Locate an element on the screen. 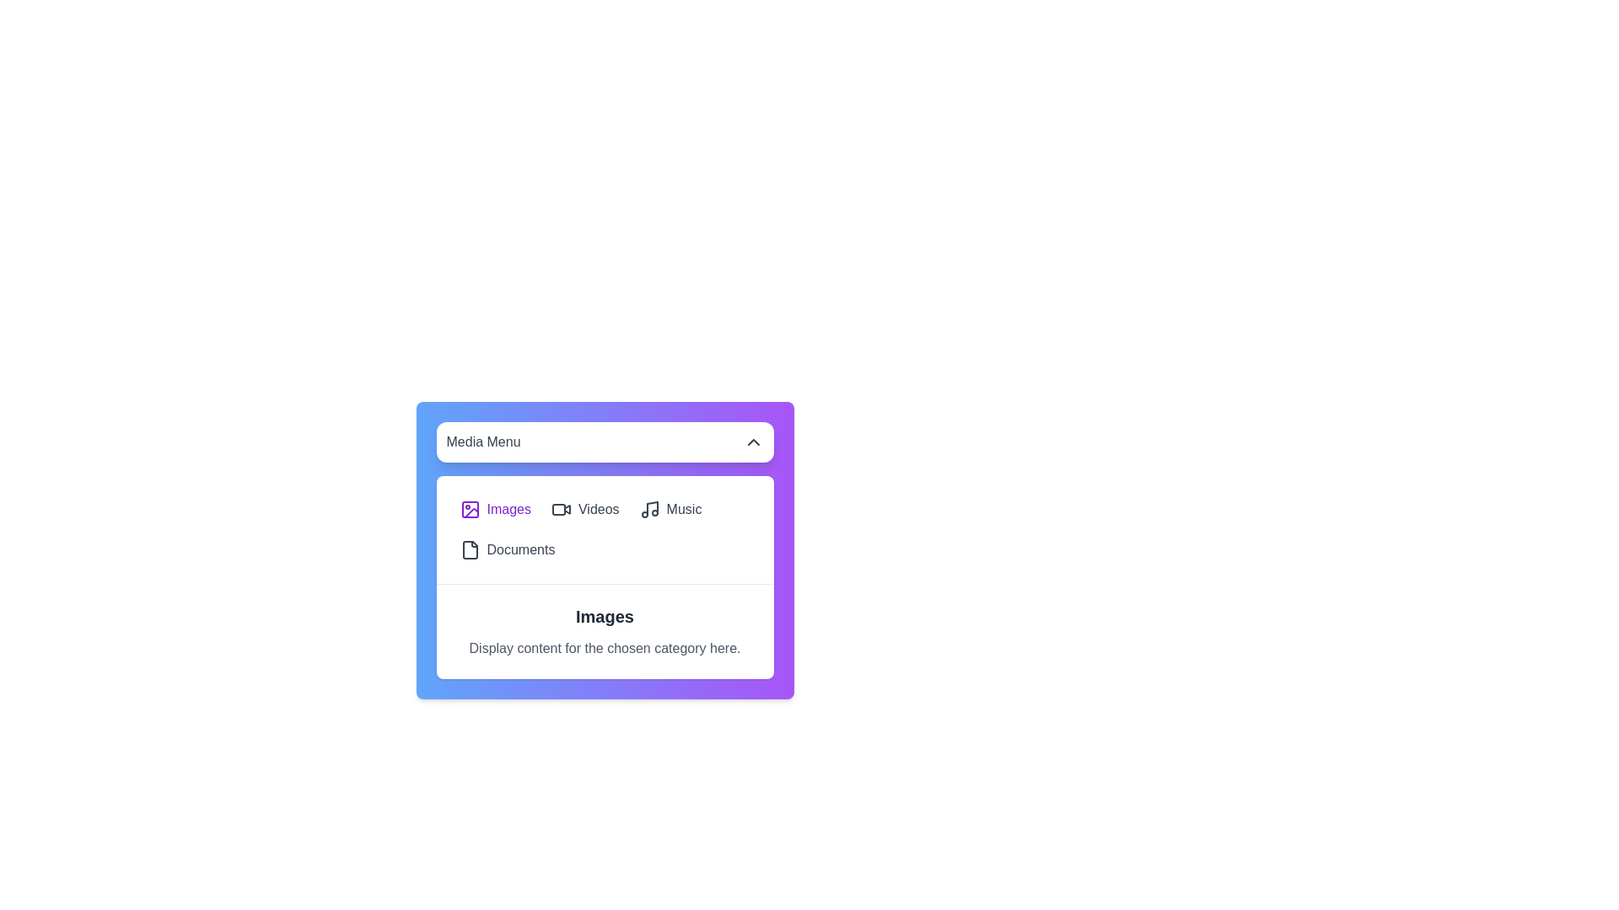 Image resolution: width=1619 pixels, height=910 pixels. the 'Media Menu' interactive section for navigation is located at coordinates (605, 550).